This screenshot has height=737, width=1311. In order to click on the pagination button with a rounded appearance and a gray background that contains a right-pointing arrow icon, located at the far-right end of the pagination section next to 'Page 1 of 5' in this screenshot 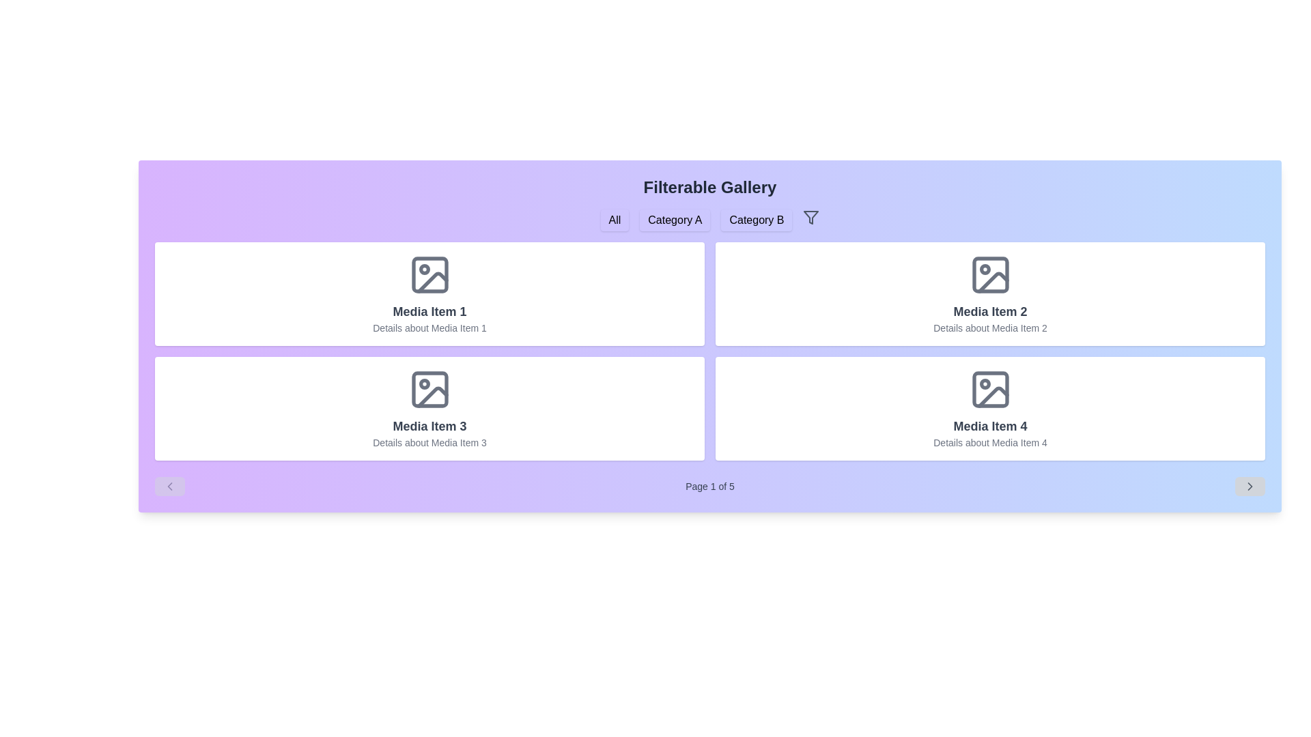, I will do `click(1250, 486)`.